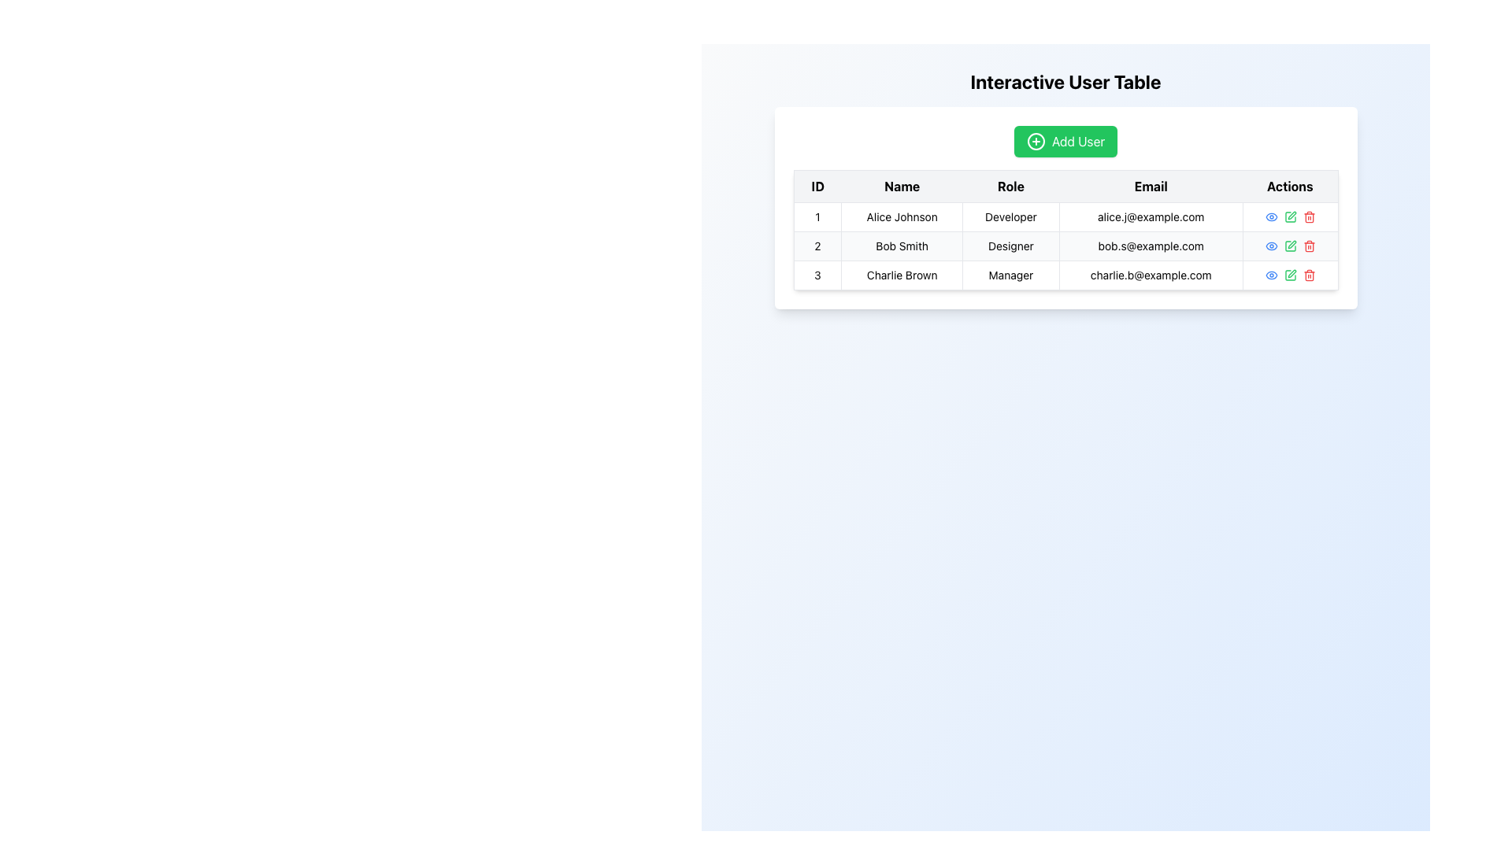 The width and height of the screenshot is (1512, 850). I want to click on the edit action button icon for user 'Bob Smith' located in the Actions column of the second row, so click(1290, 246).